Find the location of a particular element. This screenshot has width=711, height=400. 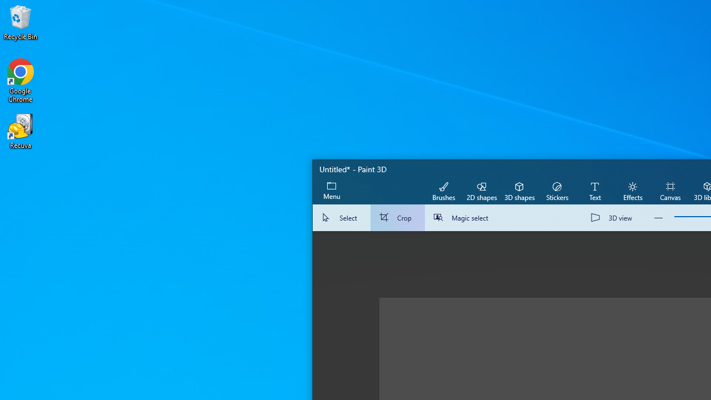

'Select' is located at coordinates (341, 218).